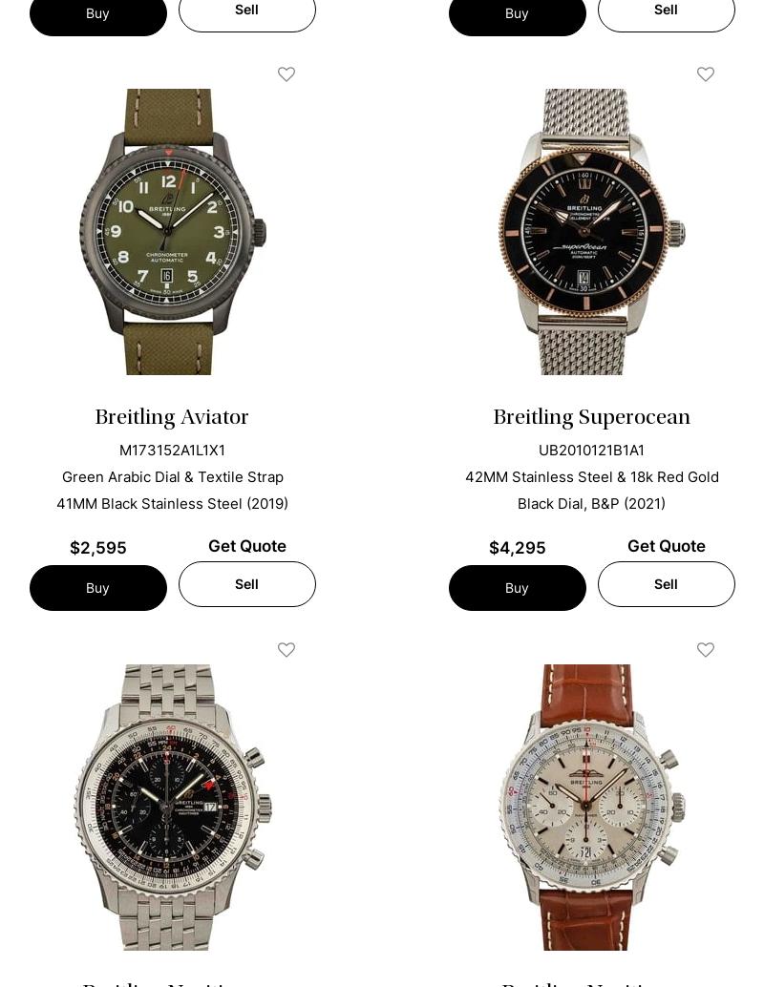 Image resolution: width=764 pixels, height=987 pixels. What do you see at coordinates (375, 280) in the screenshot?
I see `'It is also a luxurious fashion accessory that has graced many wrists since its establishment in 1884. Whether you are a Breitling watch enthusiast or are new to the world of luxury watches, pre-owned Breitling watches from Bob's Watches will not disappoint. Browse our collection now!'` at bounding box center [375, 280].